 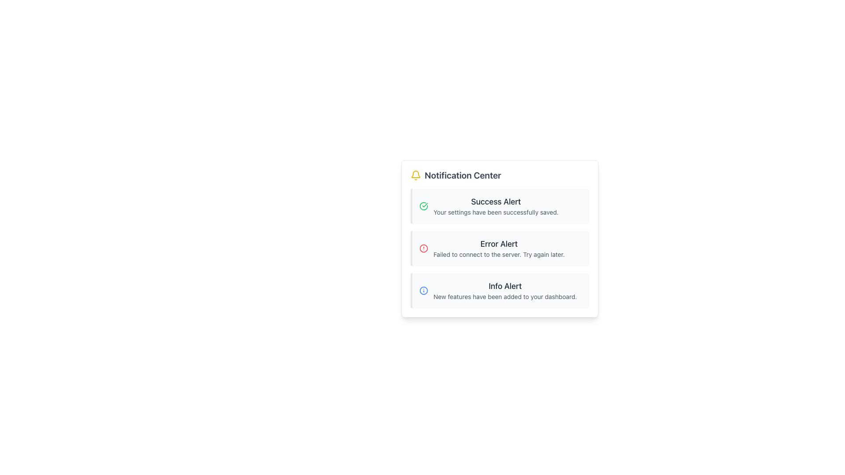 What do you see at coordinates (500, 248) in the screenshot?
I see `error alert notification text in the Notification Center, which indicates a failed connection to the server` at bounding box center [500, 248].